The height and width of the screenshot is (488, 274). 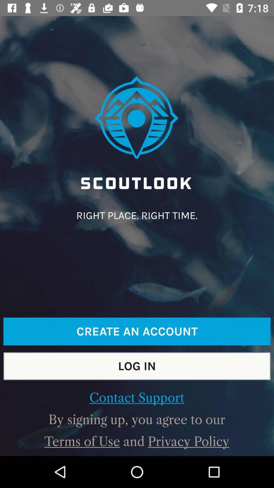 What do you see at coordinates (189, 441) in the screenshot?
I see `icon next to  and  item` at bounding box center [189, 441].